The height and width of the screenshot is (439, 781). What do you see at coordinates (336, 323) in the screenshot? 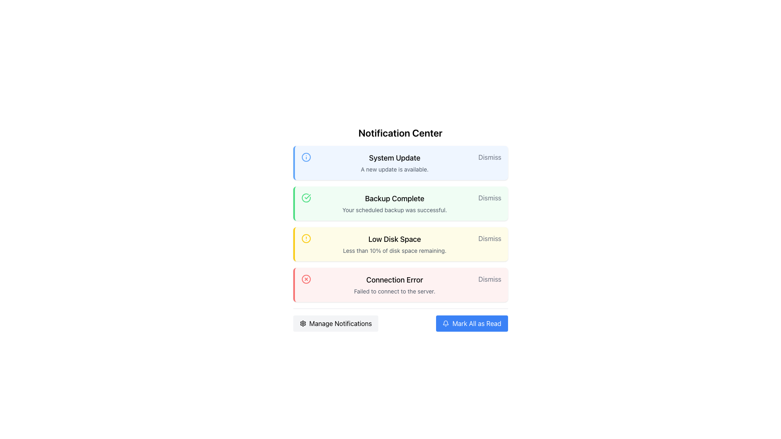
I see `the 'Manage Notifications' button located at the bottom-left corner of the notification panel` at bounding box center [336, 323].